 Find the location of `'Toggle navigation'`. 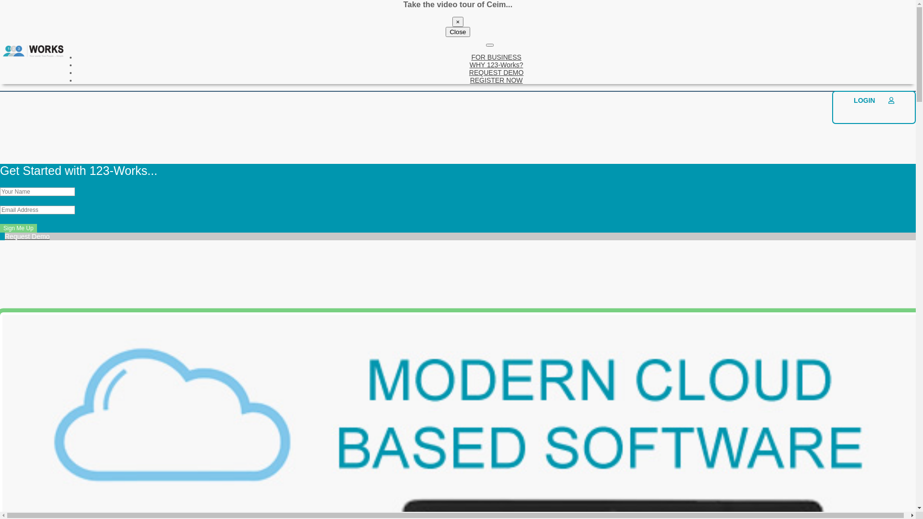

'Toggle navigation' is located at coordinates (489, 45).